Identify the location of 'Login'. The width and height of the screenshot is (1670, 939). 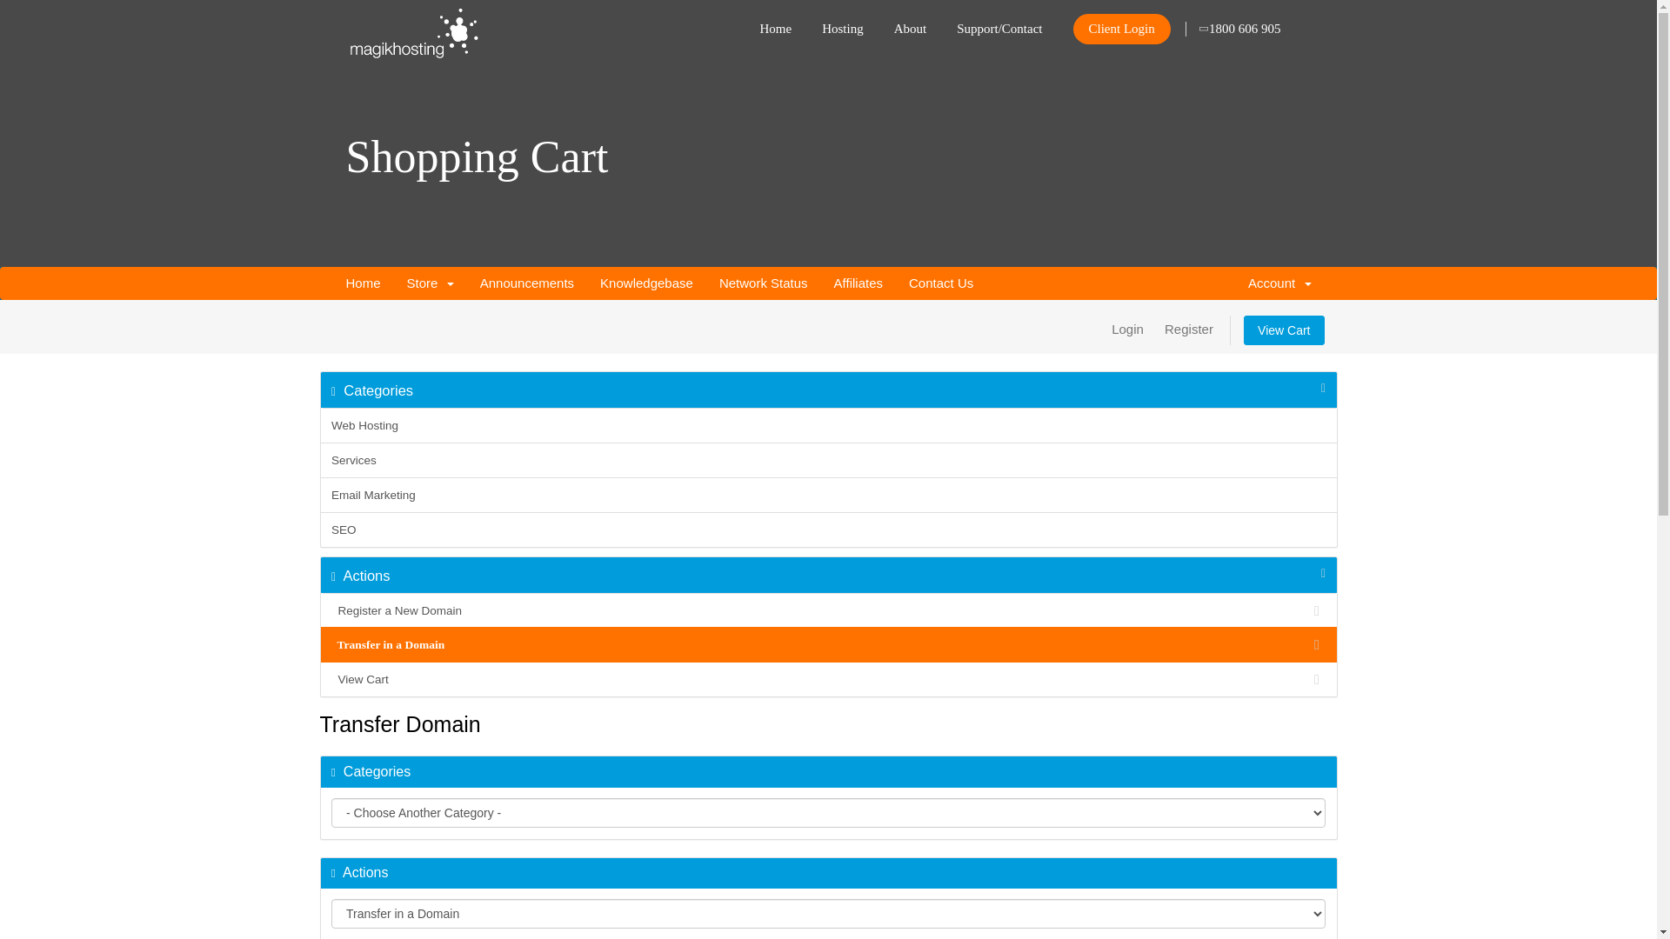
(1127, 329).